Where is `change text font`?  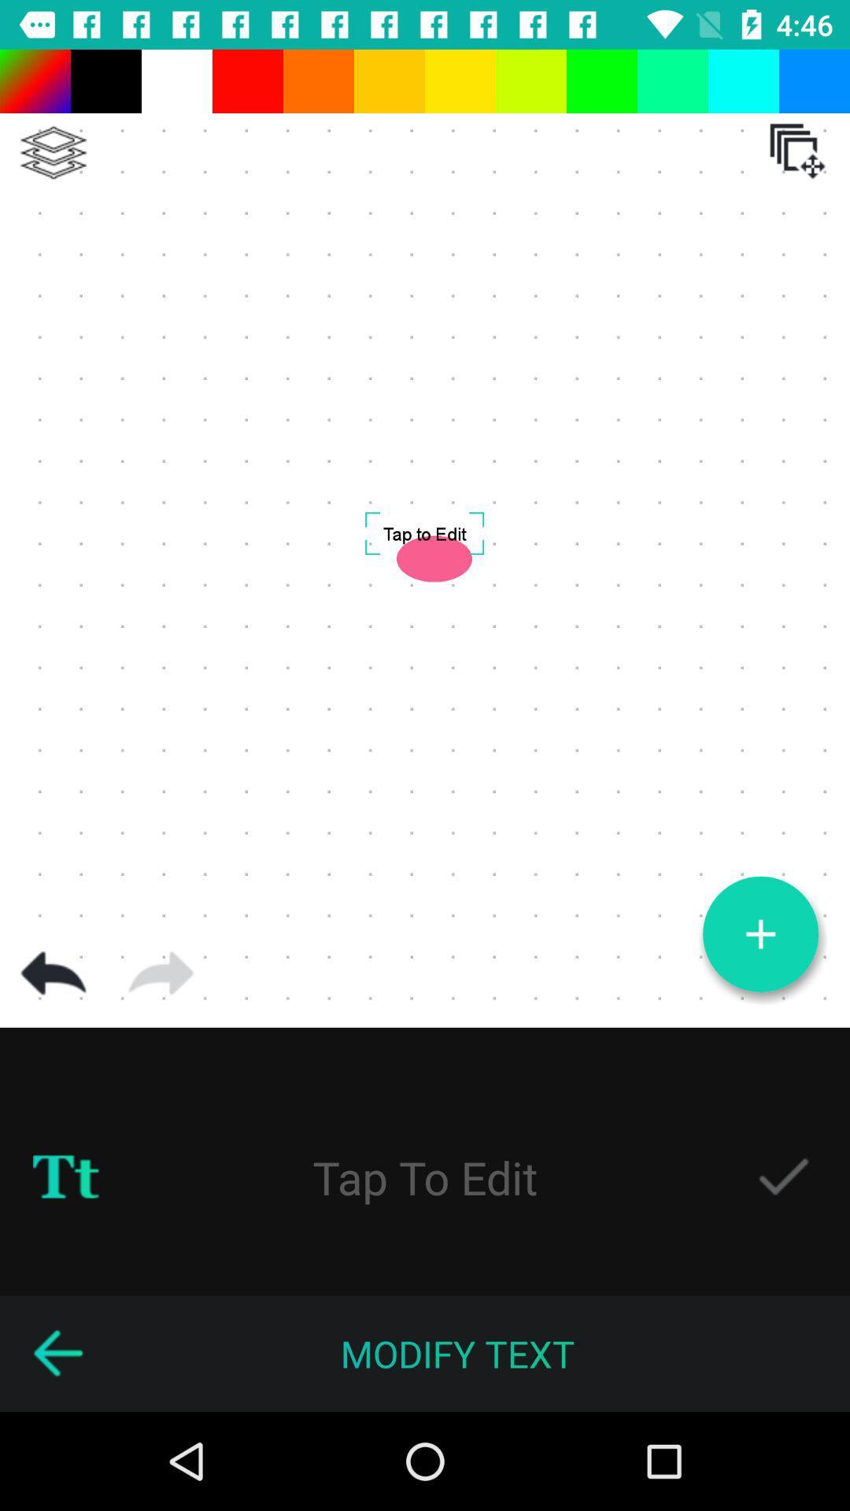 change text font is located at coordinates (65, 1177).